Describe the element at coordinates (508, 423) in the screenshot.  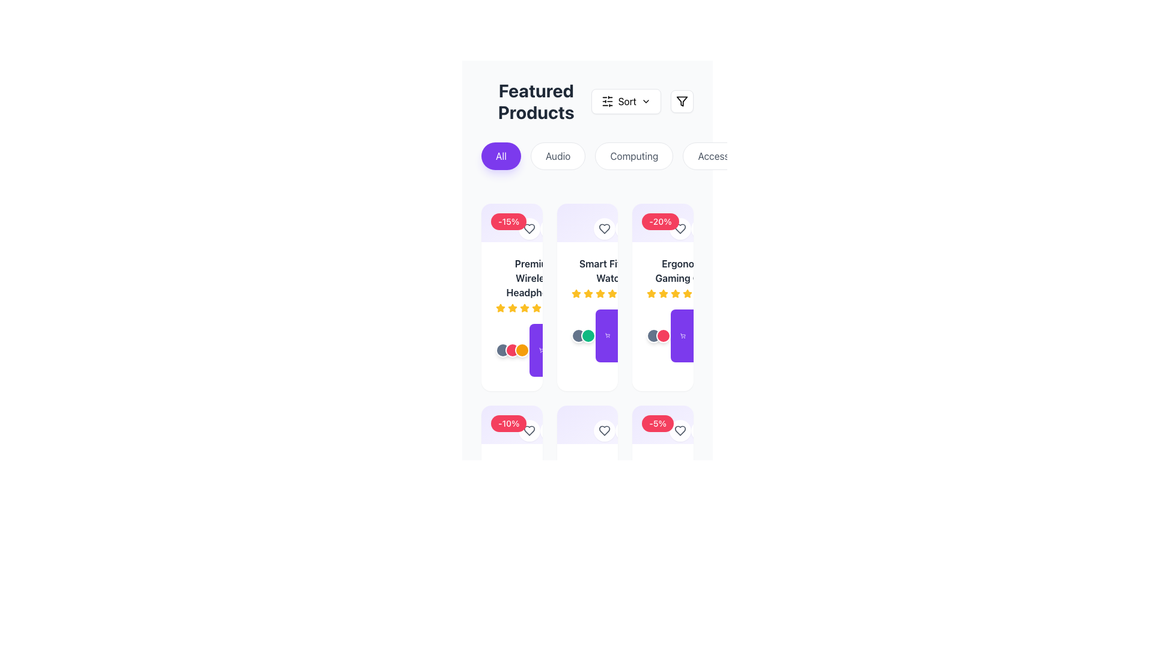
I see `the details displayed in the discount label located at the top-left corner of the product card that is the second from the left in the bottom row of the product grid` at that location.